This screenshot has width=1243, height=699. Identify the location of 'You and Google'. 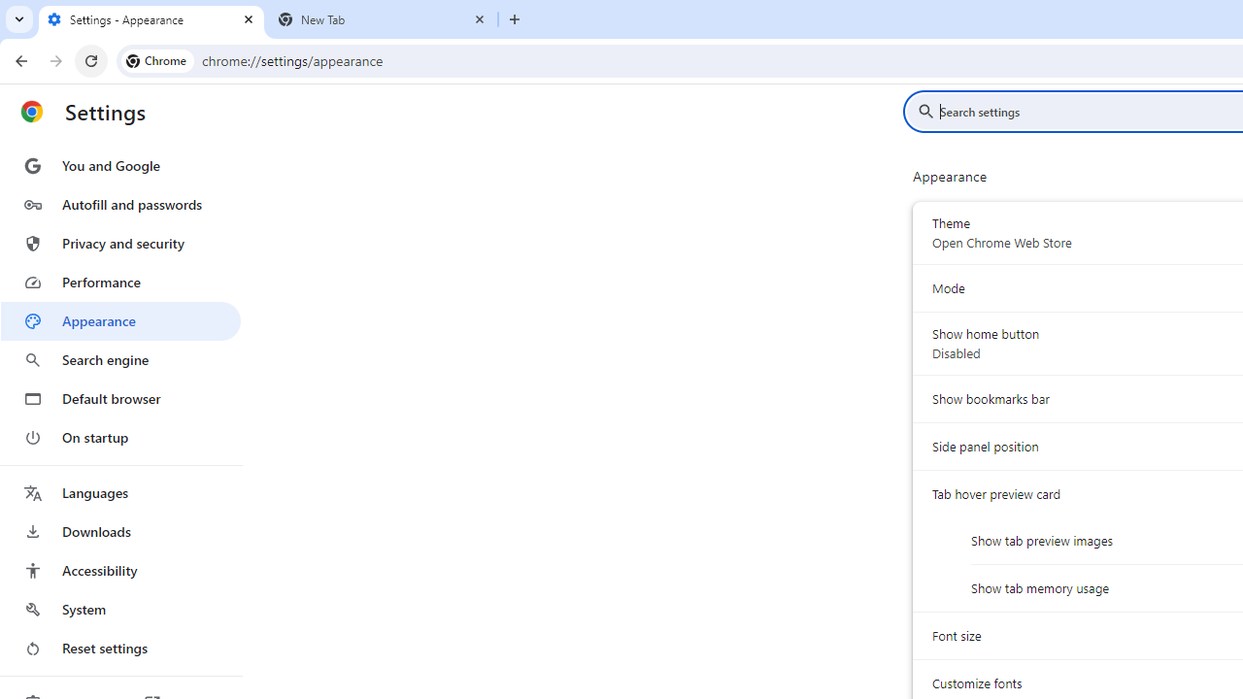
(119, 165).